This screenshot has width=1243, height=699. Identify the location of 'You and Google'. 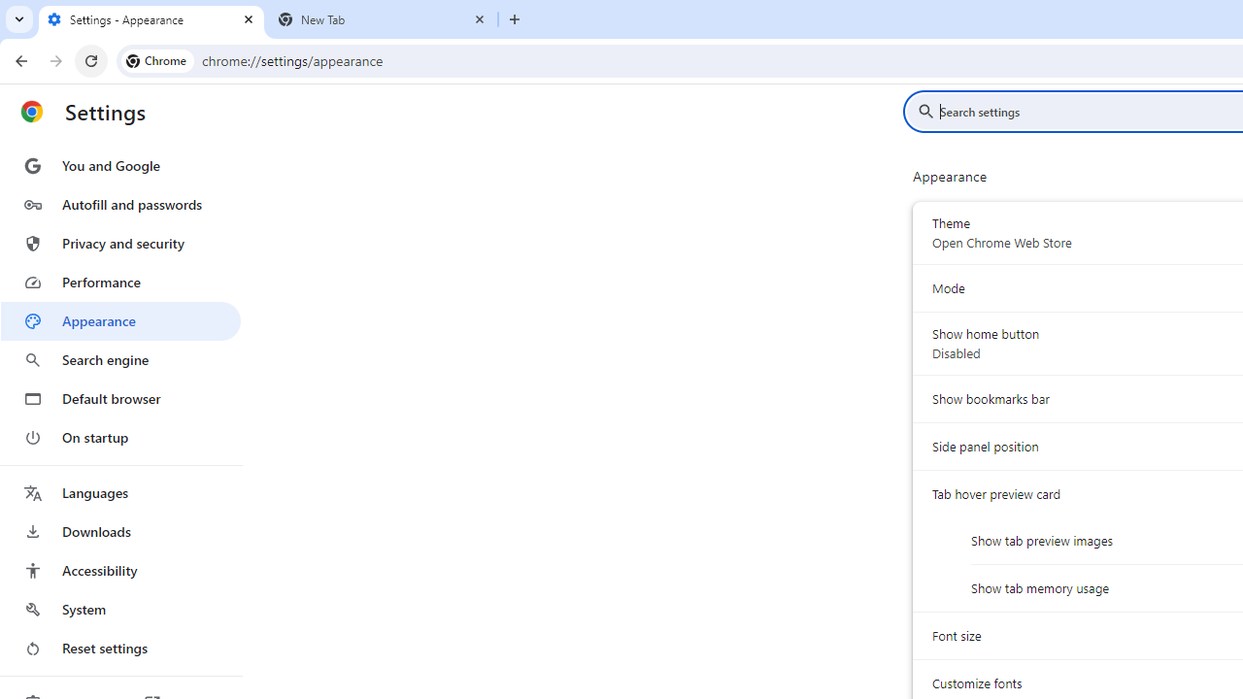
(119, 165).